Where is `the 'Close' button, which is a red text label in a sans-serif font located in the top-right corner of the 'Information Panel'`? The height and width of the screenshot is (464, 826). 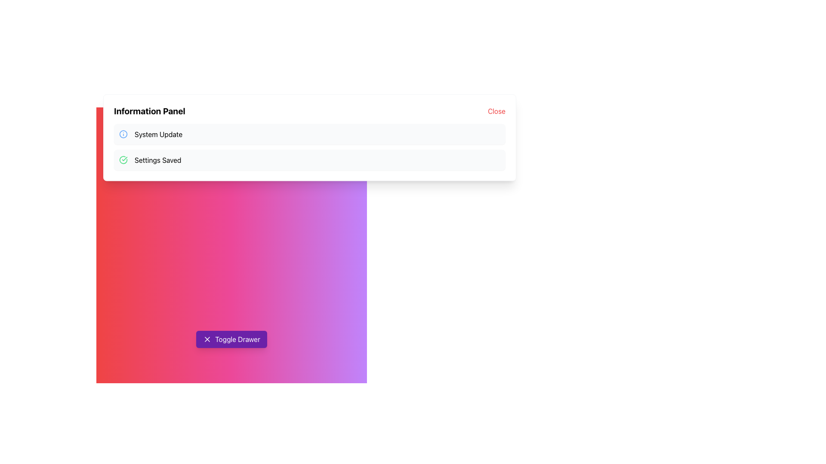 the 'Close' button, which is a red text label in a sans-serif font located in the top-right corner of the 'Information Panel' is located at coordinates (496, 110).